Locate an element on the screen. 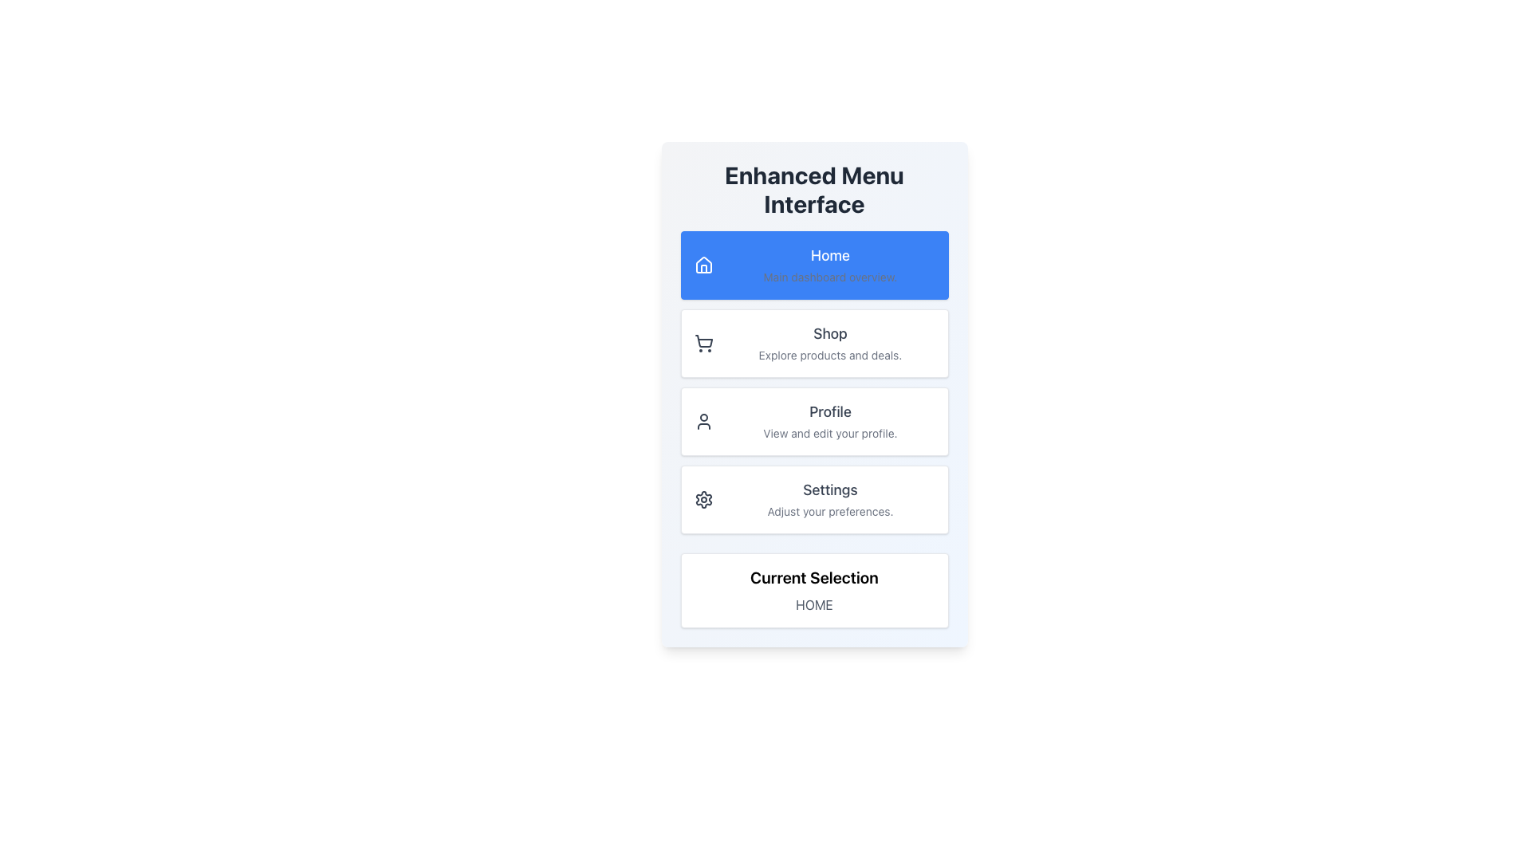 This screenshot has height=861, width=1531. text label indicating 'Home' located at the top section of the interface within a highlighted blue rectangular area is located at coordinates (829, 254).